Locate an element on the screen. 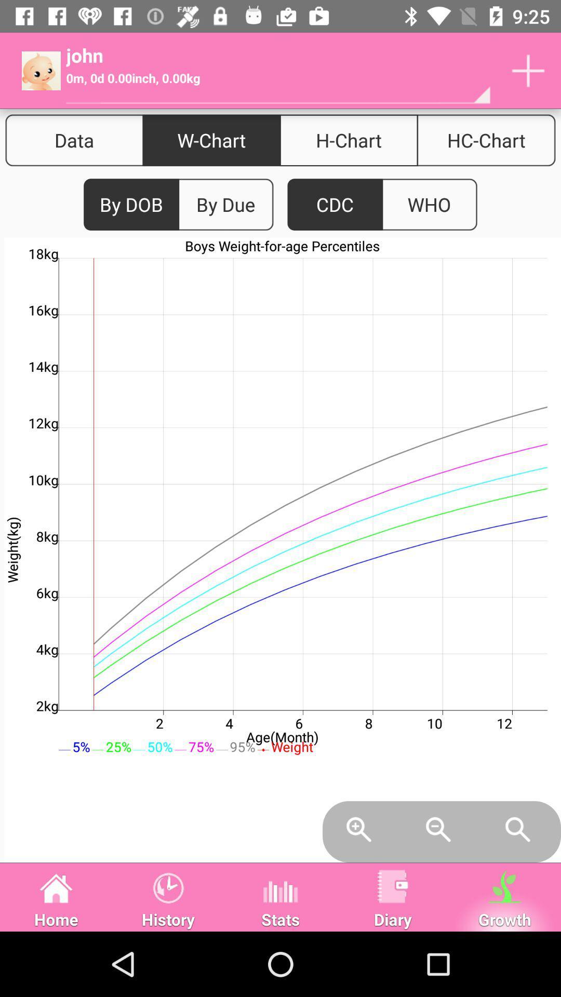 The height and width of the screenshot is (997, 561). the w-chart icon is located at coordinates (211, 140).